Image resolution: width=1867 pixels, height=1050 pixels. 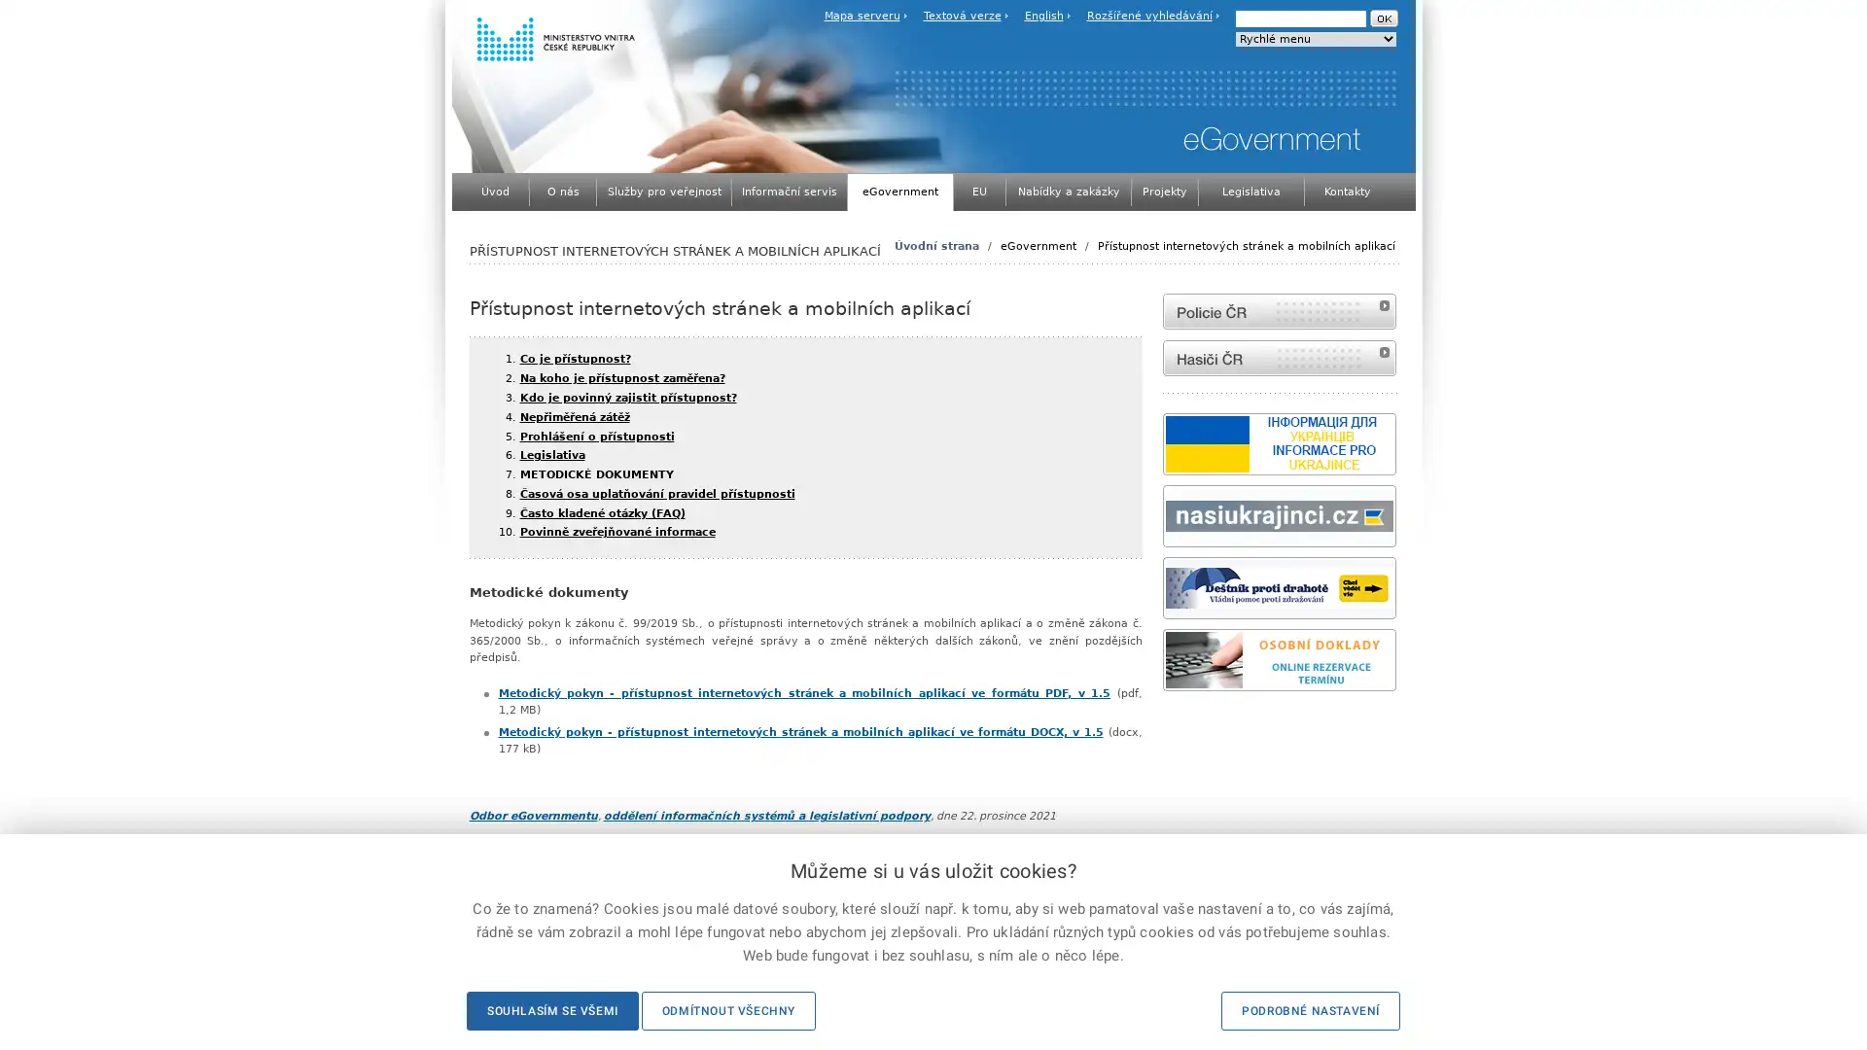 What do you see at coordinates (1382, 18) in the screenshot?
I see `ok` at bounding box center [1382, 18].